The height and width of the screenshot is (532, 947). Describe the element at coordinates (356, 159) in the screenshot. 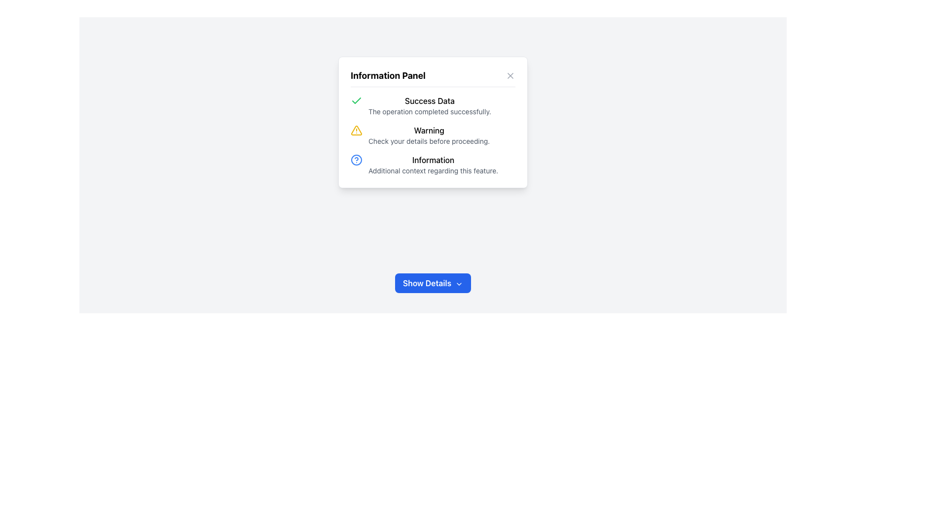

I see `the blue outlined circular icon with a question mark inside, located next to the 'Information' text in the third row of the panel` at that location.